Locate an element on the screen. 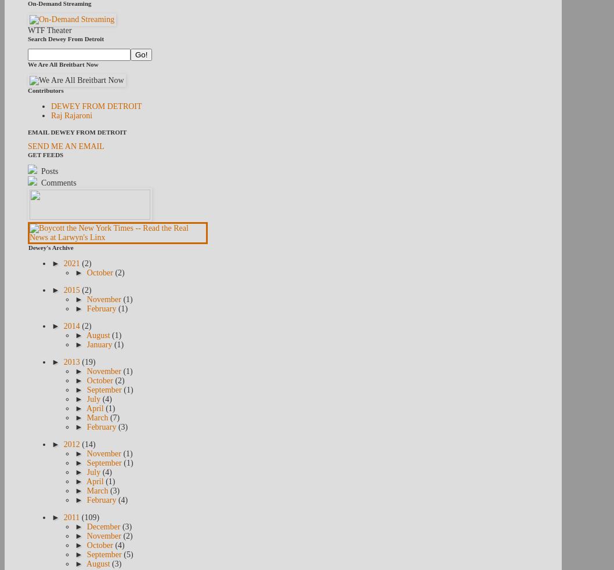 The height and width of the screenshot is (570, 614). 'Raj Rajaroni' is located at coordinates (71, 115).